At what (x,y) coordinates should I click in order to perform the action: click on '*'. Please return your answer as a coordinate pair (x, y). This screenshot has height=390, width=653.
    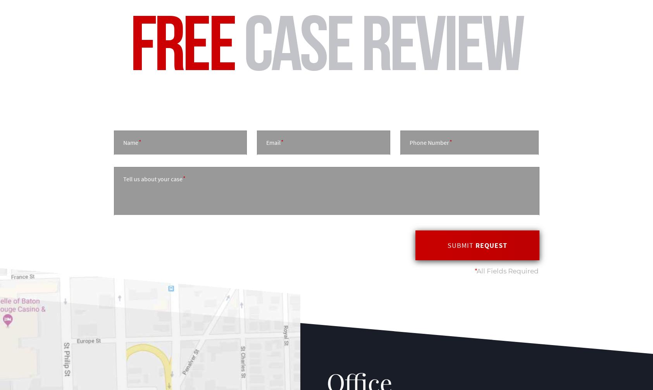
    Looking at the image, I should click on (475, 270).